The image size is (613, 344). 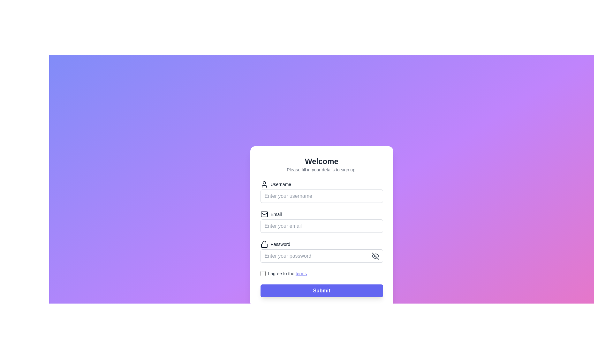 I want to click on the toggle visibility button that allows users, so click(x=375, y=255).